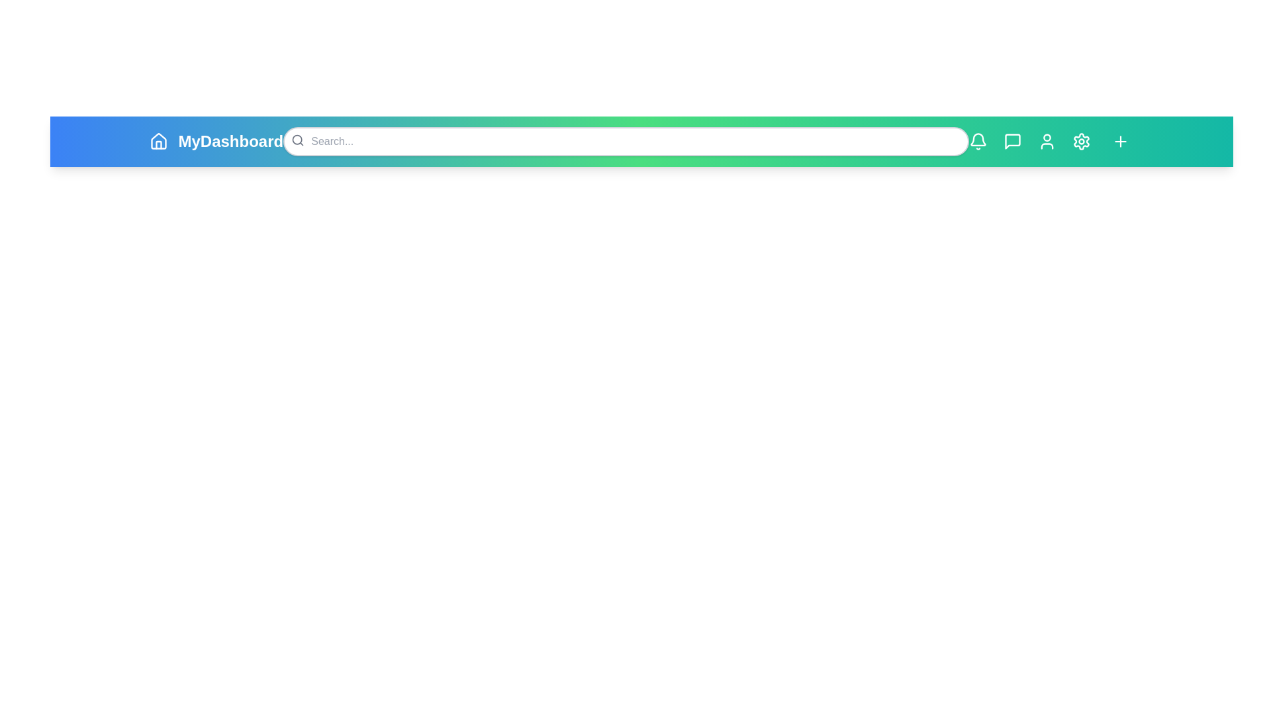 The width and height of the screenshot is (1271, 715). What do you see at coordinates (1012, 141) in the screenshot?
I see `the speech bubble icon to view messages` at bounding box center [1012, 141].